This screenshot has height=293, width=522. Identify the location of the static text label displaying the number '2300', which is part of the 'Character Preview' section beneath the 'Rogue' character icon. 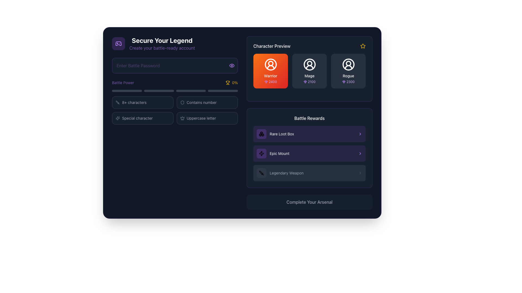
(350, 82).